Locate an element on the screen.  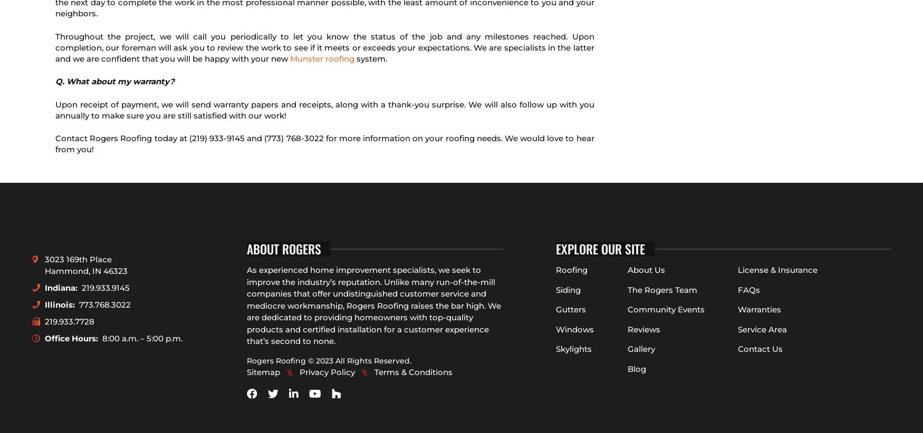
'About Us' is located at coordinates (646, 269).